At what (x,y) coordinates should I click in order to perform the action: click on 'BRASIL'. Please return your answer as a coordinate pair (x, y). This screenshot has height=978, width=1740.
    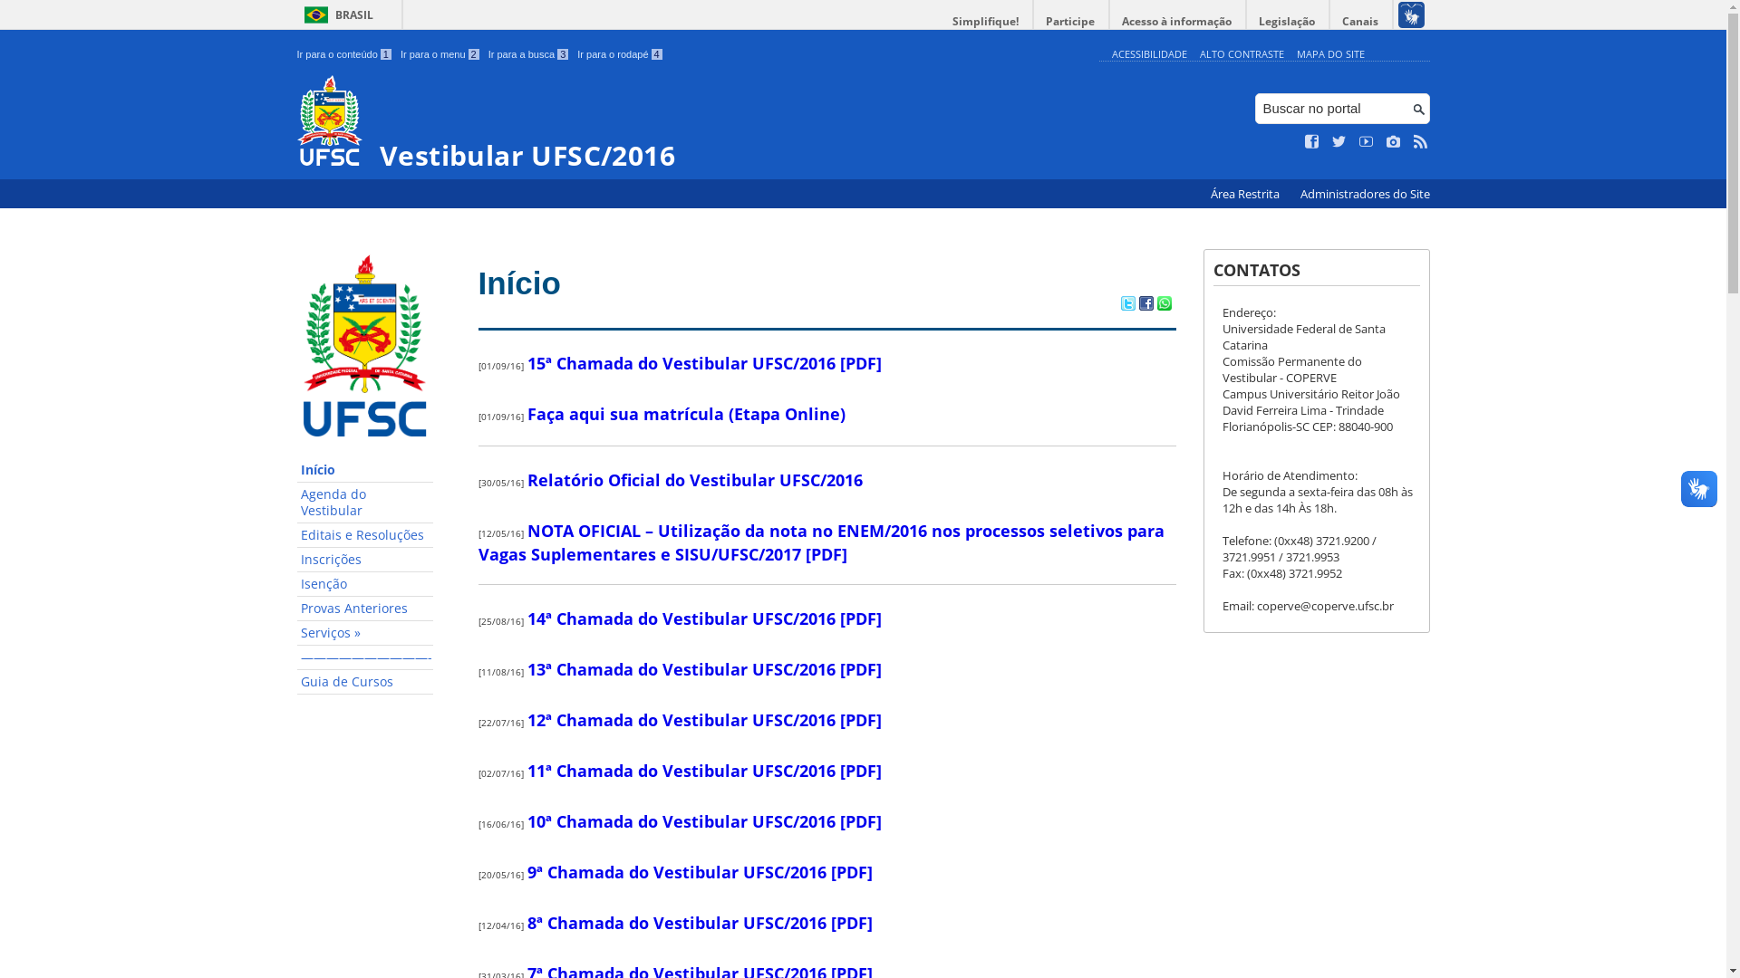
    Looking at the image, I should click on (335, 14).